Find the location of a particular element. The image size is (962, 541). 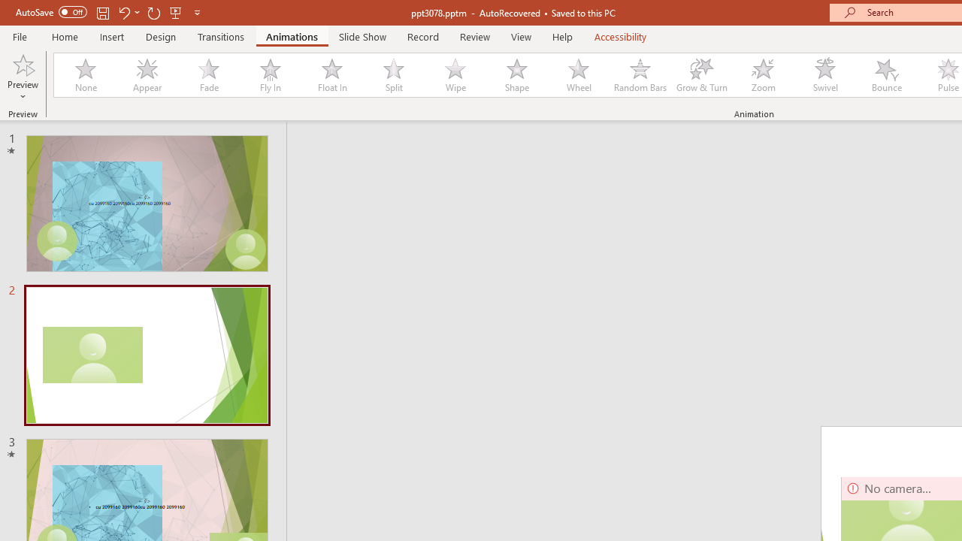

'Save' is located at coordinates (101, 12).